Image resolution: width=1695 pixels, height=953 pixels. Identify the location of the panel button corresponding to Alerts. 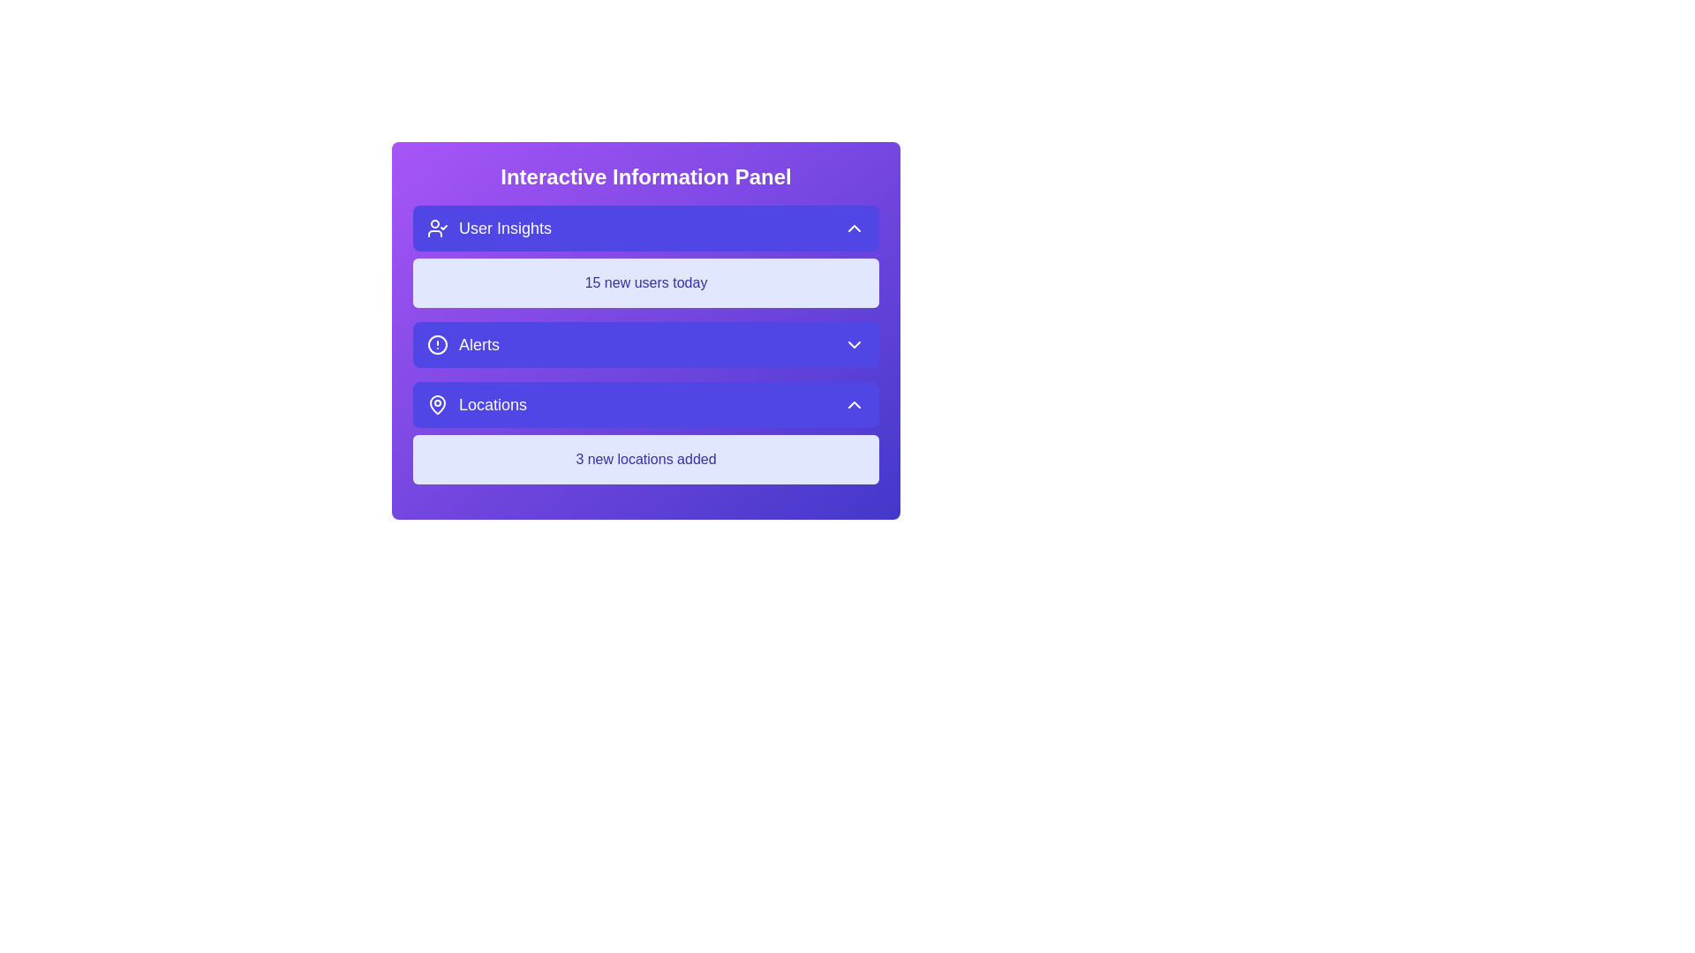
(644, 344).